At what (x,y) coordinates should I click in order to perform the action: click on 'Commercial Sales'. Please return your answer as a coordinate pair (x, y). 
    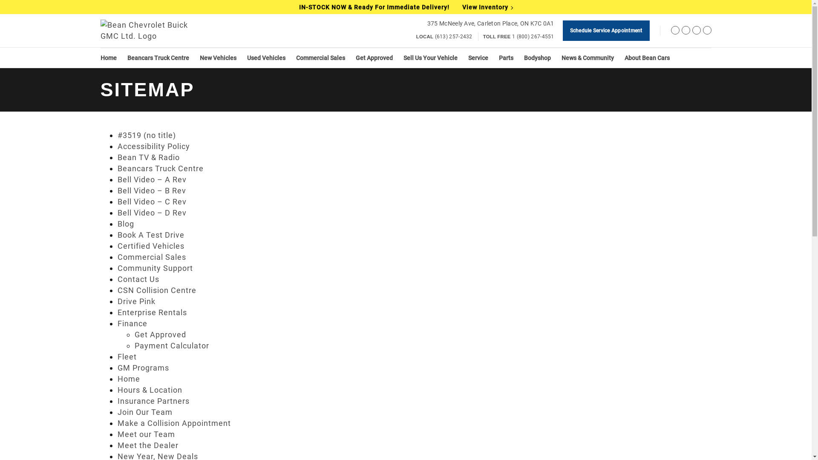
    Looking at the image, I should click on (117, 256).